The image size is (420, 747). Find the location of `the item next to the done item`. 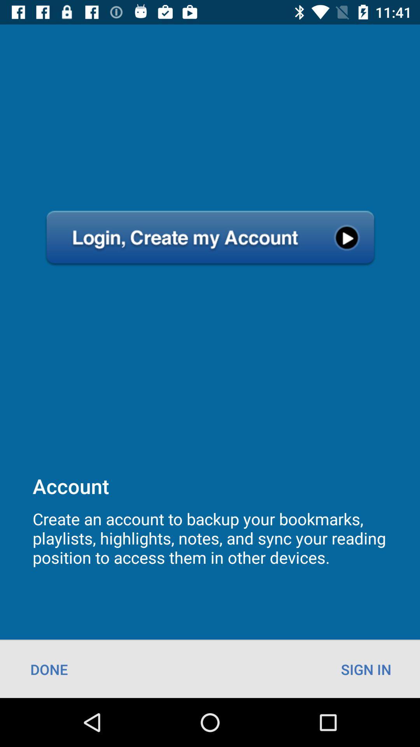

the item next to the done item is located at coordinates (366, 669).